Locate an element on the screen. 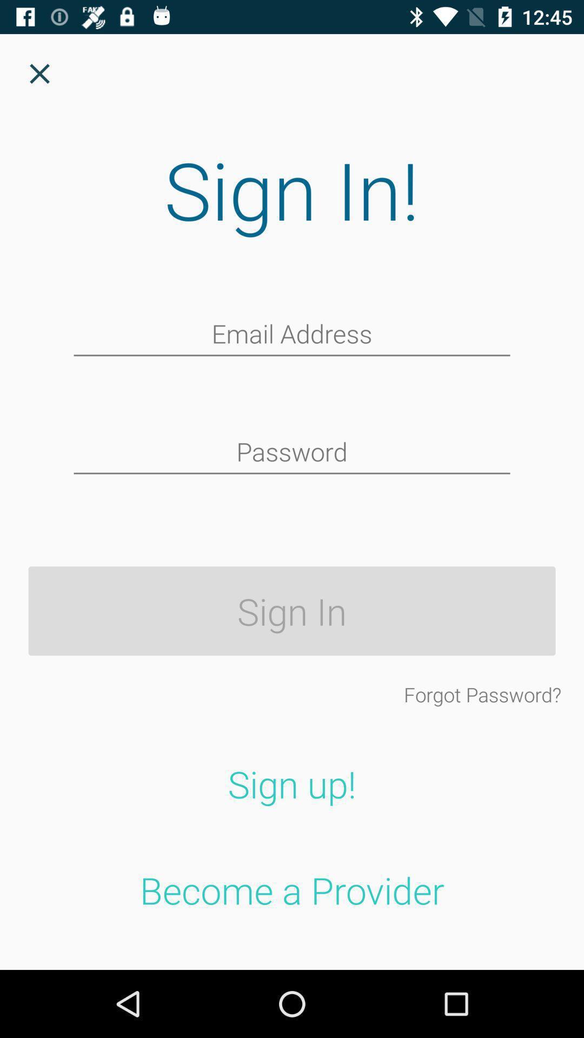  forgot password? item is located at coordinates (482, 694).